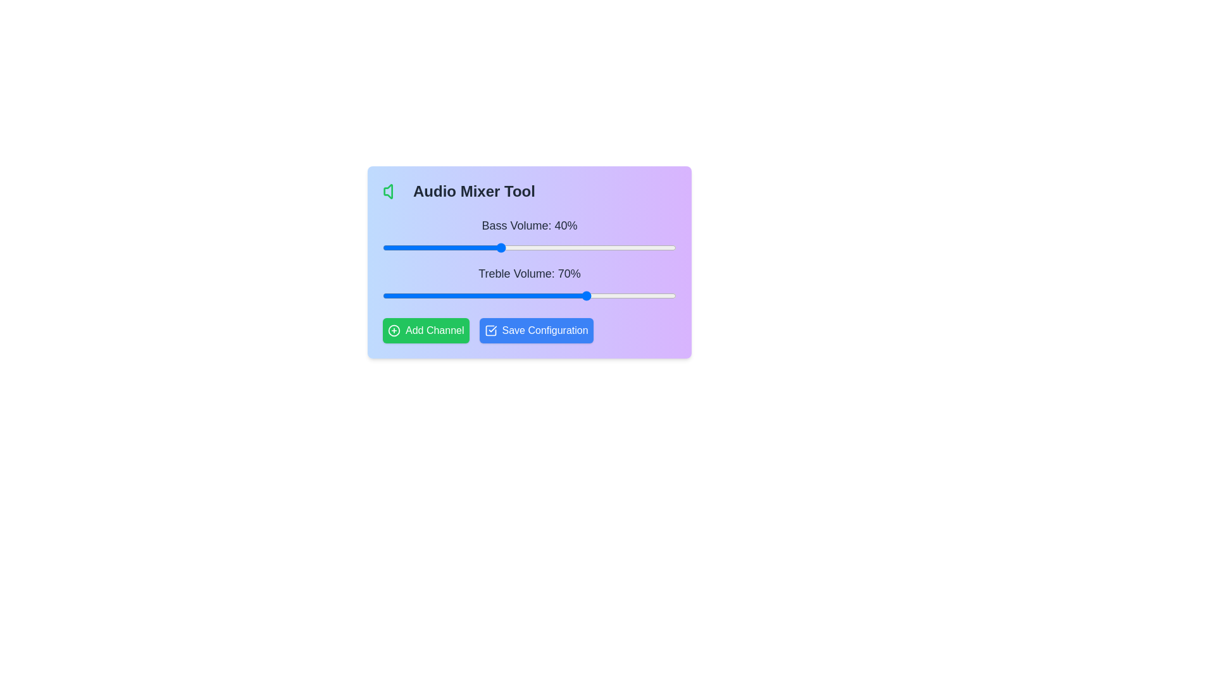 The height and width of the screenshot is (683, 1215). Describe the element at coordinates (656, 248) in the screenshot. I see `the slider` at that location.